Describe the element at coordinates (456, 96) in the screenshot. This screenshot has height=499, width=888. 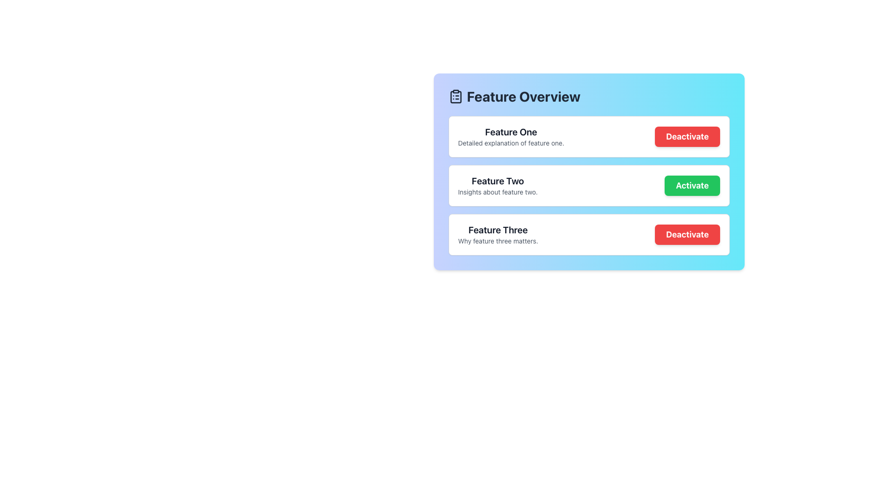
I see `the decorative icon representing the feature overview section located at the top-left corner of the 'Feature Overview' heading section for additional actions` at that location.